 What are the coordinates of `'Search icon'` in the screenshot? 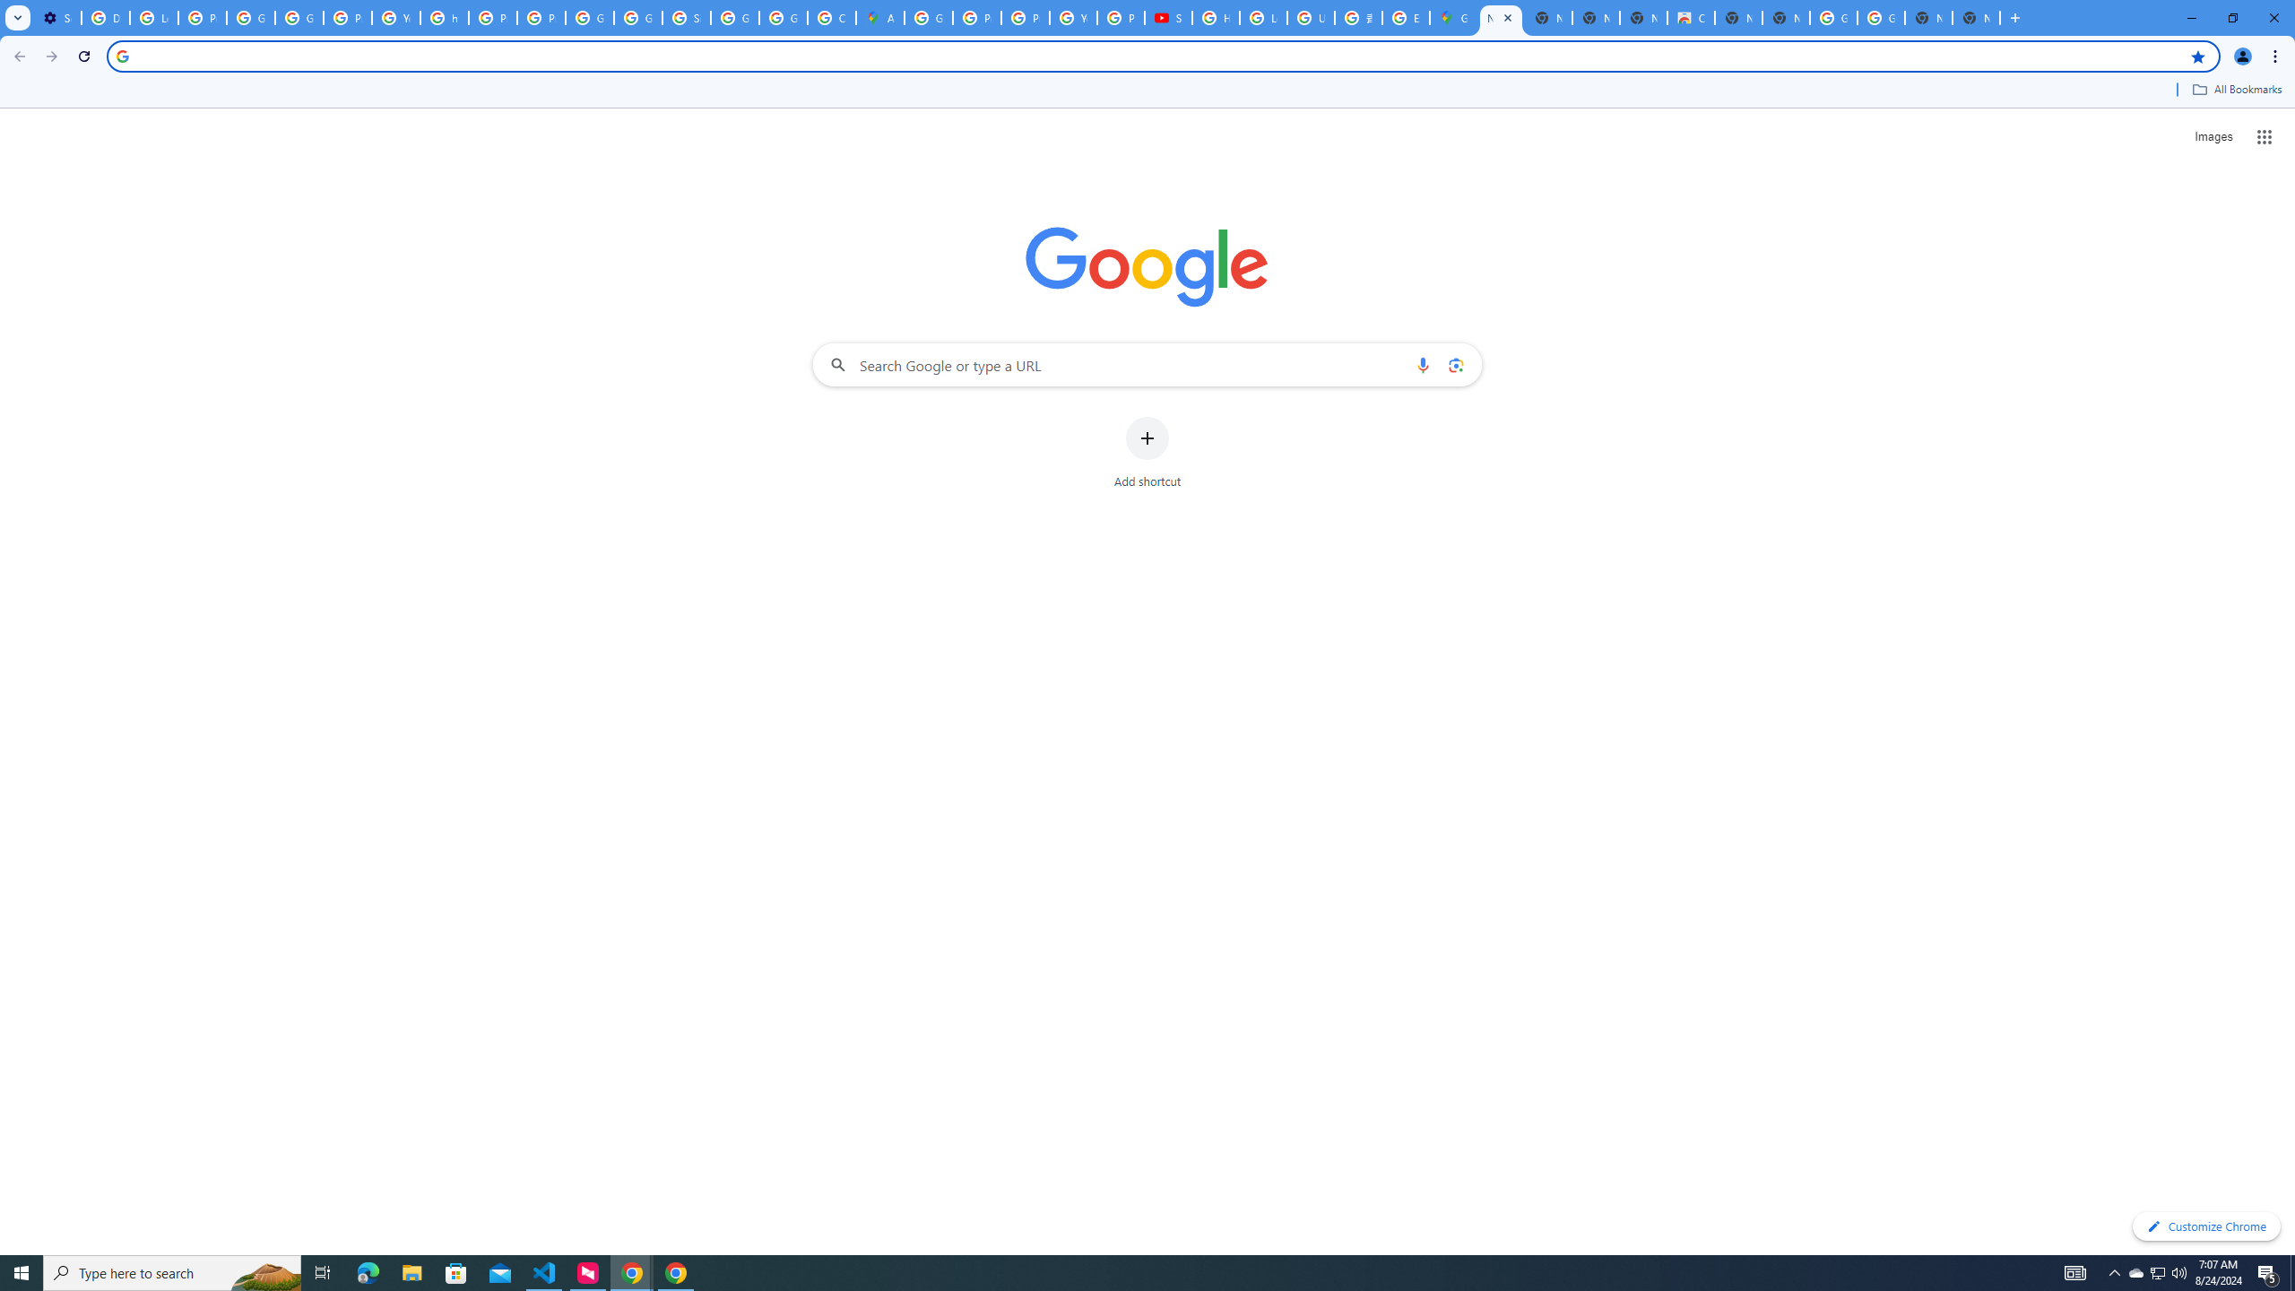 It's located at (121, 55).